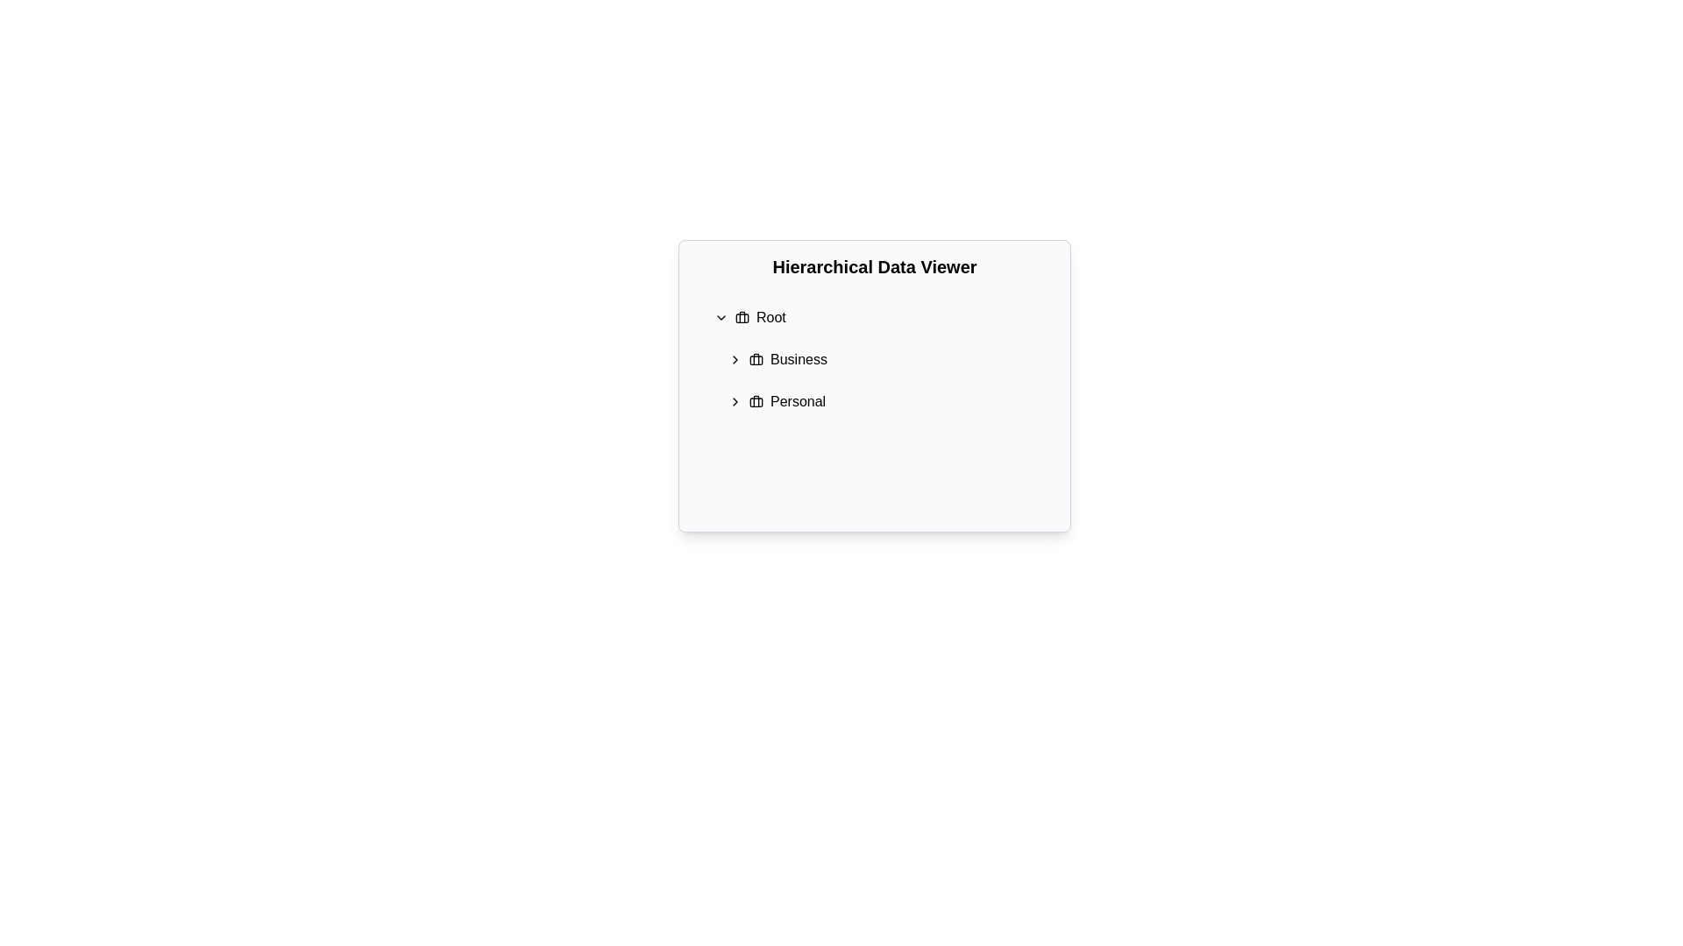 The height and width of the screenshot is (946, 1683). Describe the element at coordinates (735, 359) in the screenshot. I see `the collapsible chevron icon styled with a black outline located next to the 'Business' text` at that location.